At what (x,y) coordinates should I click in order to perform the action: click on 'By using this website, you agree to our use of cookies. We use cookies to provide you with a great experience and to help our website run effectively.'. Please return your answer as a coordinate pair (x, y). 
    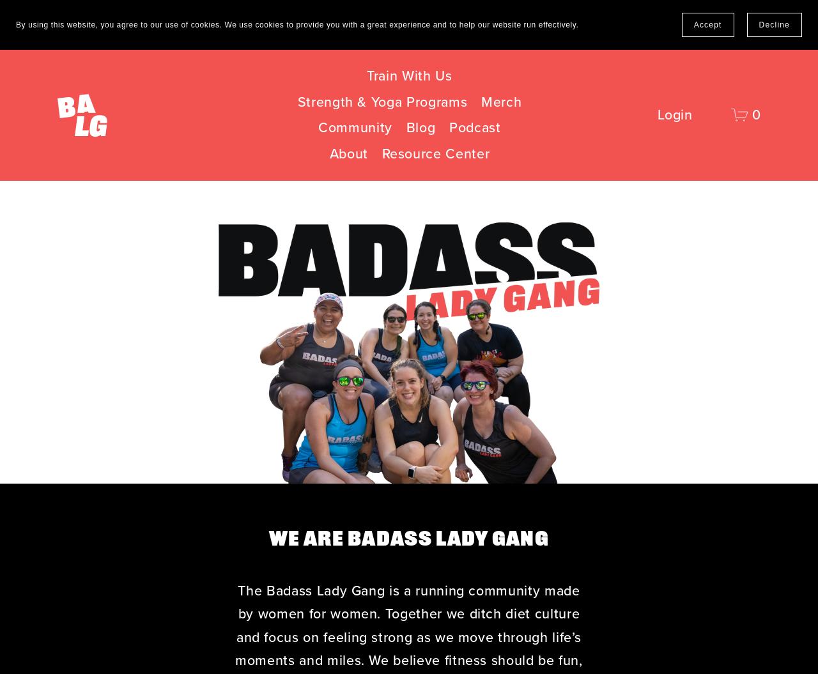
    Looking at the image, I should click on (15, 25).